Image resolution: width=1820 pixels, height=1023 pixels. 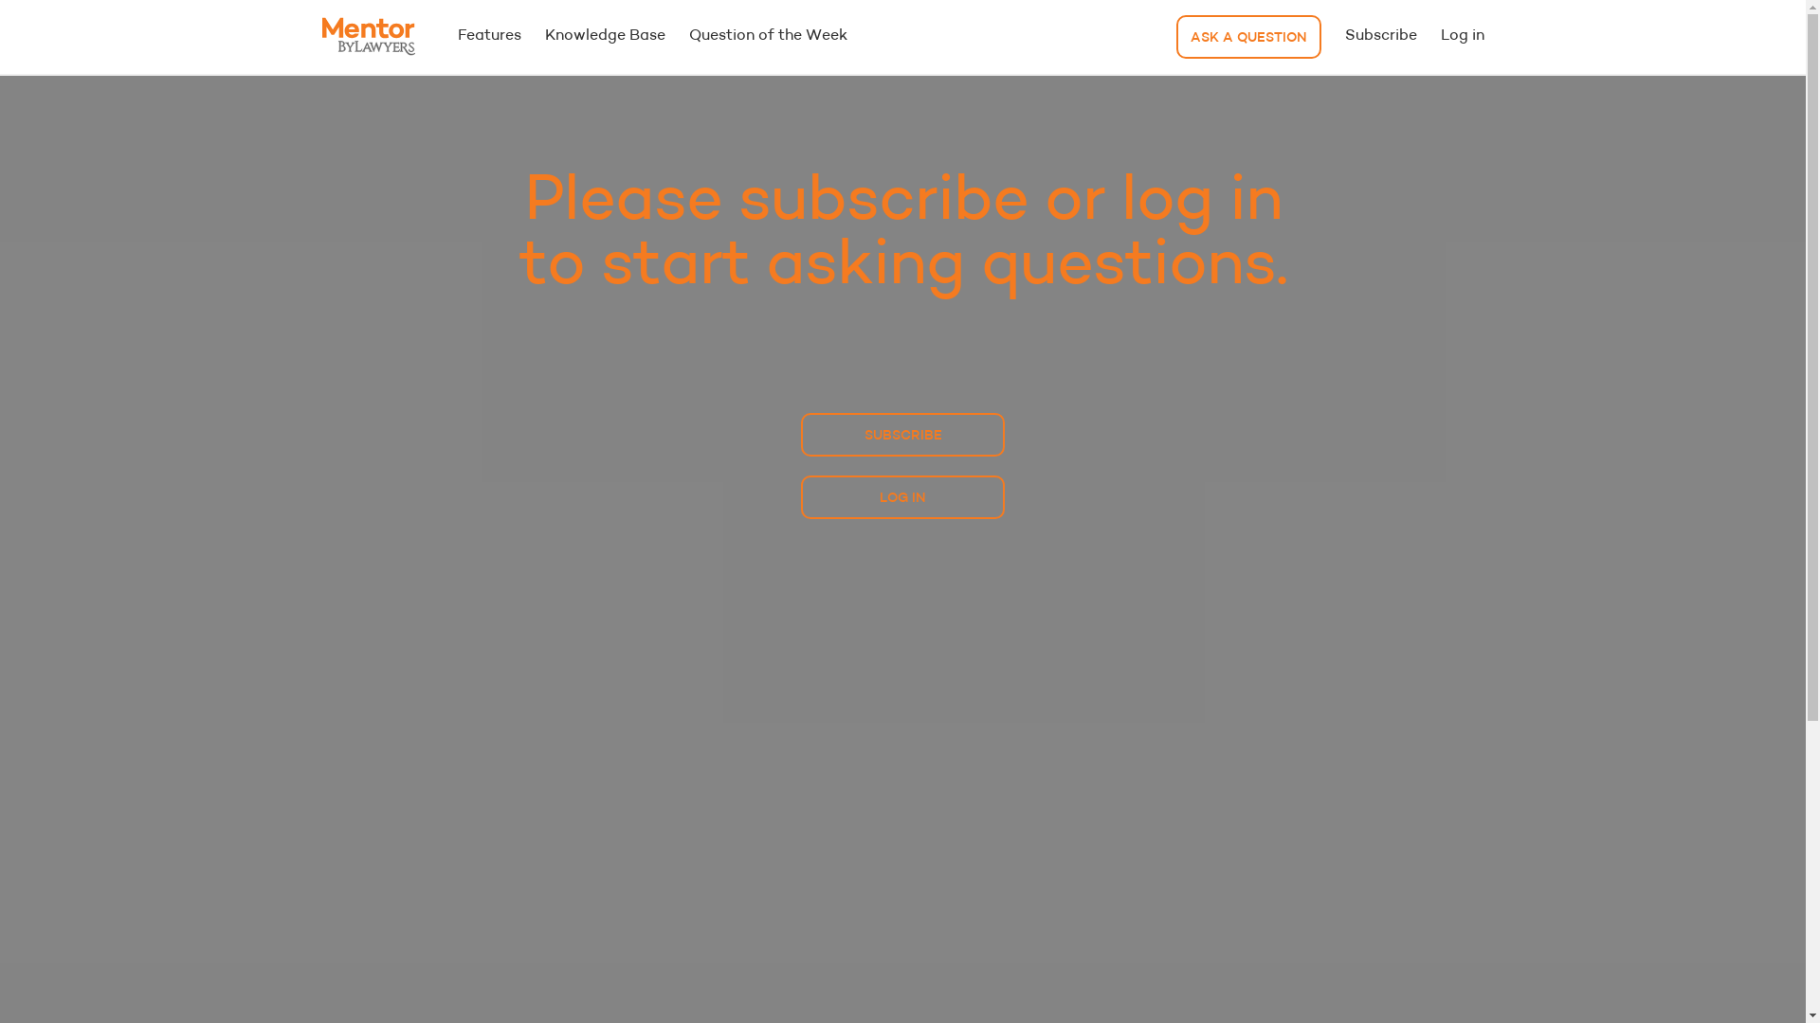 What do you see at coordinates (1247, 36) in the screenshot?
I see `'ASK A QUESTION'` at bounding box center [1247, 36].